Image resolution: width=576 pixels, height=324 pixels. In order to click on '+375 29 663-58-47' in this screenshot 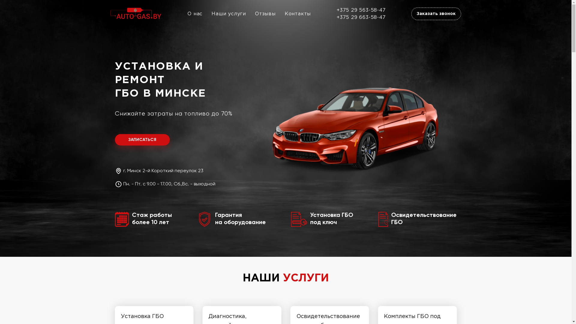, I will do `click(361, 17)`.